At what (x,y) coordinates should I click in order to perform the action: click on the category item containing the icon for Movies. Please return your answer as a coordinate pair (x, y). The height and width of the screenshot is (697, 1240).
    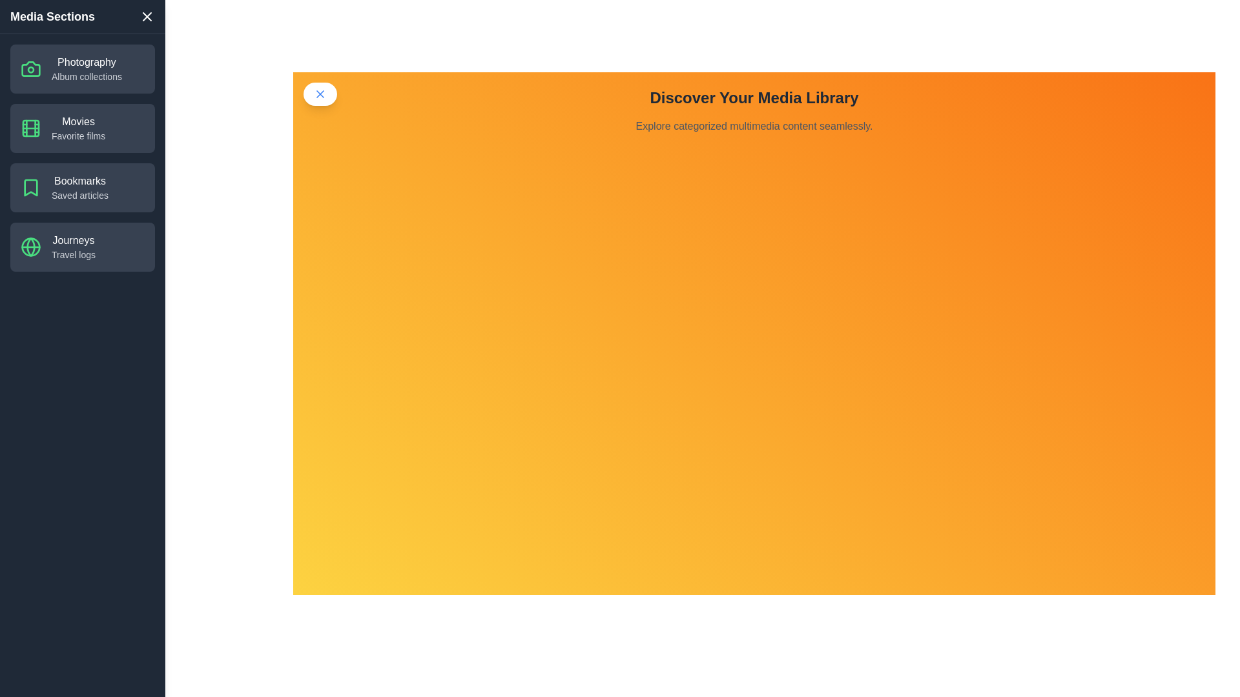
    Looking at the image, I should click on (31, 128).